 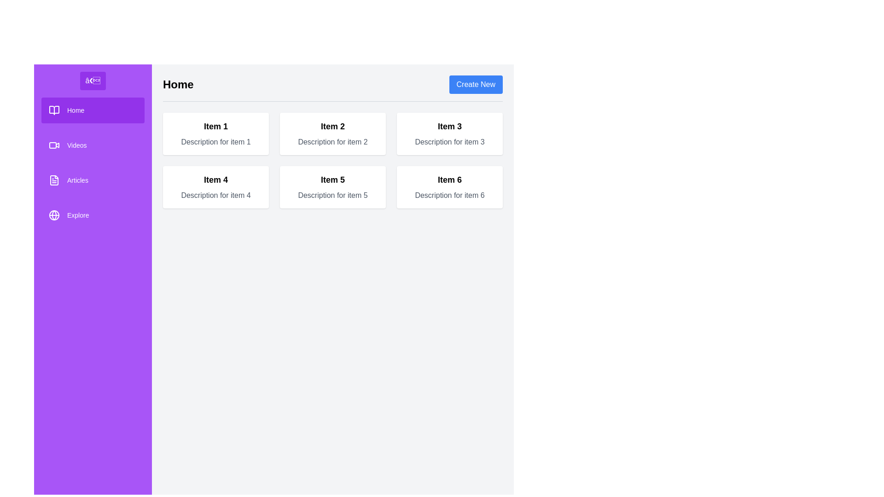 I want to click on the circular globe icon with a purple background that is part of the 'Explore' menu item in the left sidebar, so click(x=54, y=215).